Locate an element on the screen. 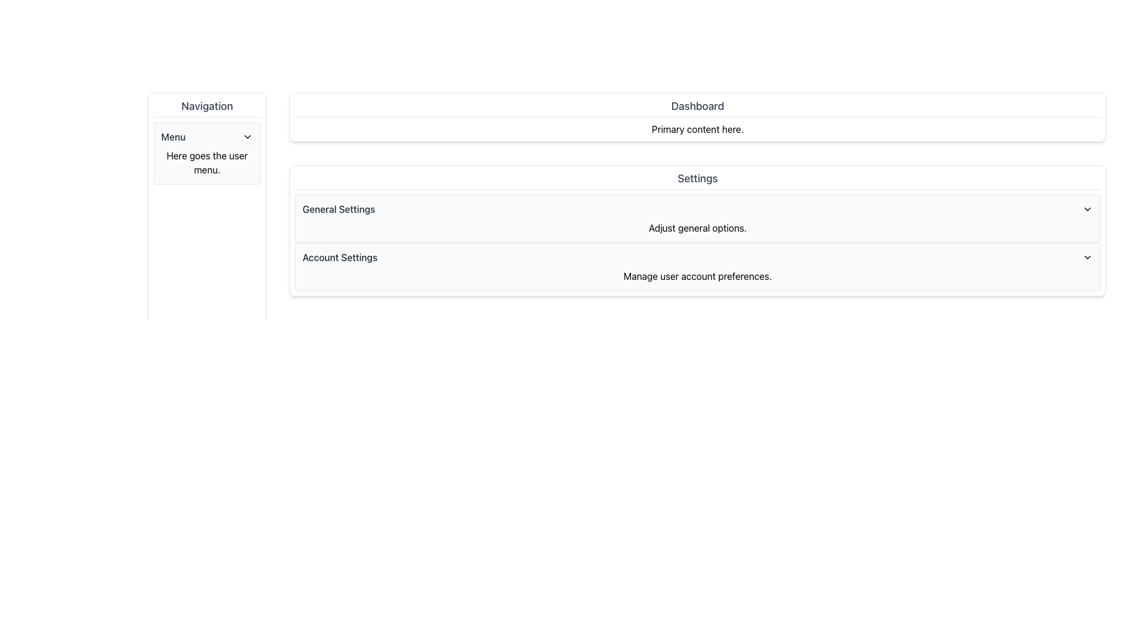 This screenshot has height=635, width=1130. the 'Menu' text label located in the left-side navigation panel, styled in medium font weight and dark gray color, positioned near the top of the panel, aligned with a dropdown arrow icon is located at coordinates (172, 136).